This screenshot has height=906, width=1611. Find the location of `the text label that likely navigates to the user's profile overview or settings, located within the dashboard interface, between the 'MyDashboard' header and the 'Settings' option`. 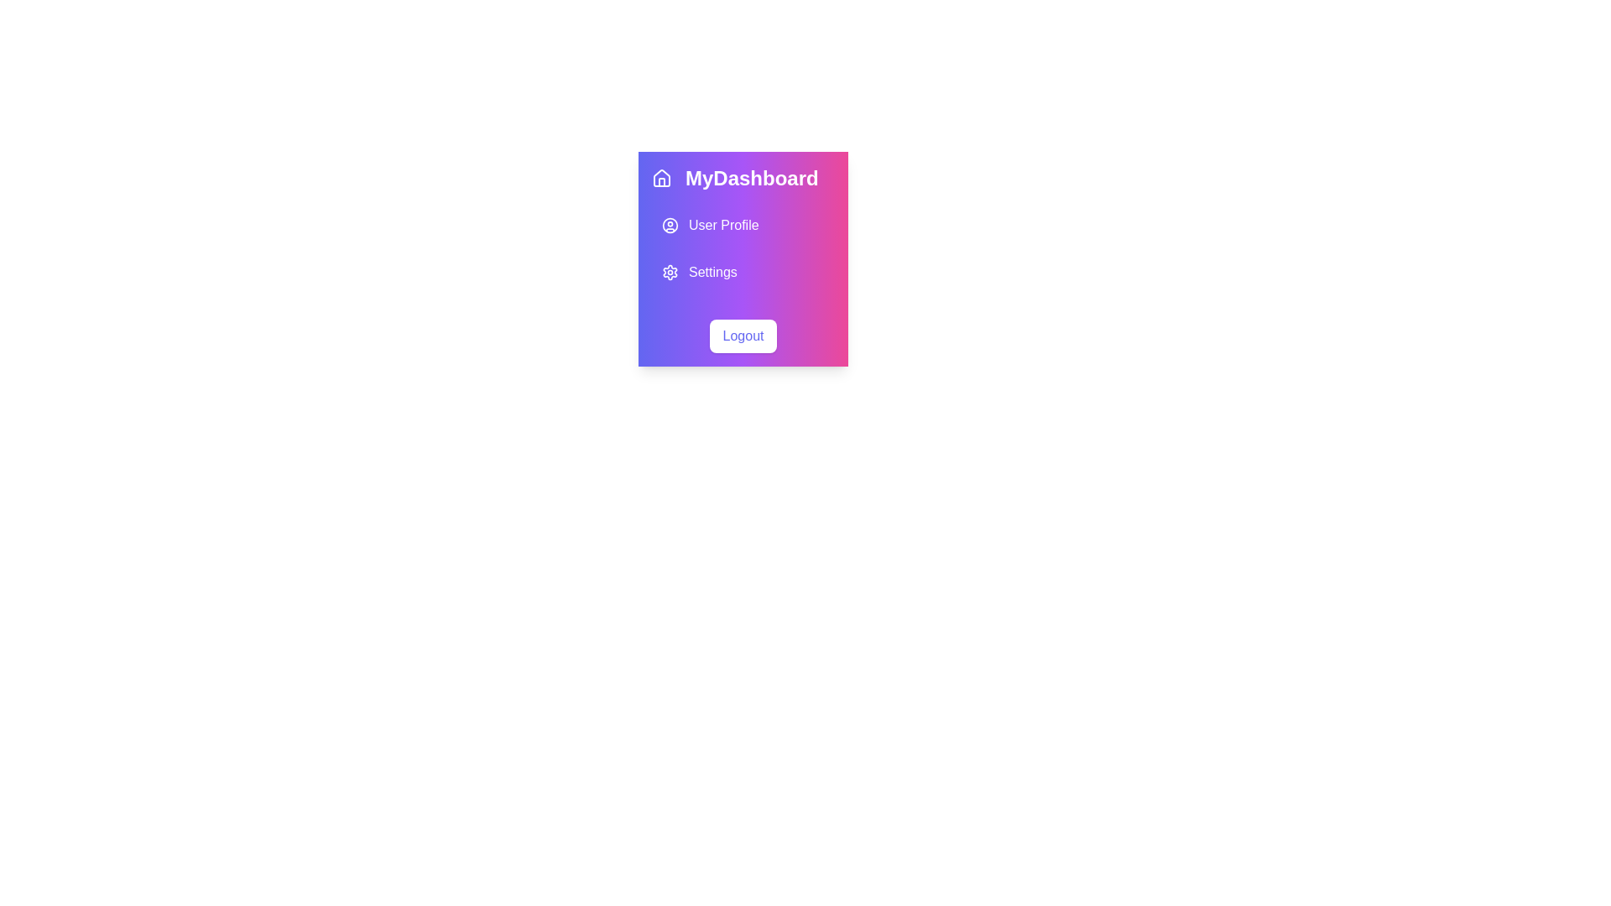

the text label that likely navigates to the user's profile overview or settings, located within the dashboard interface, between the 'MyDashboard' header and the 'Settings' option is located at coordinates (723, 225).